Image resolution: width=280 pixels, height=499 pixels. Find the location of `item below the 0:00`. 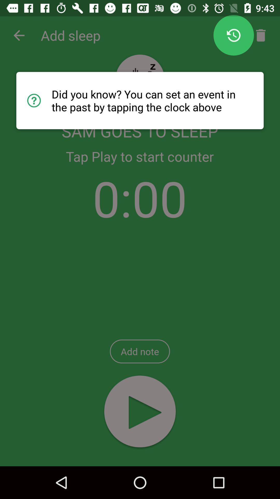

item below the 0:00 is located at coordinates (139, 351).